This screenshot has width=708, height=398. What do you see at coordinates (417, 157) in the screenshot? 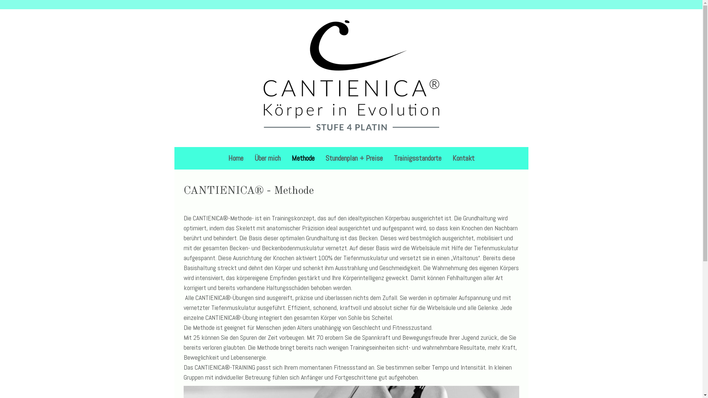
I see `'Trainigsstandorte'` at bounding box center [417, 157].